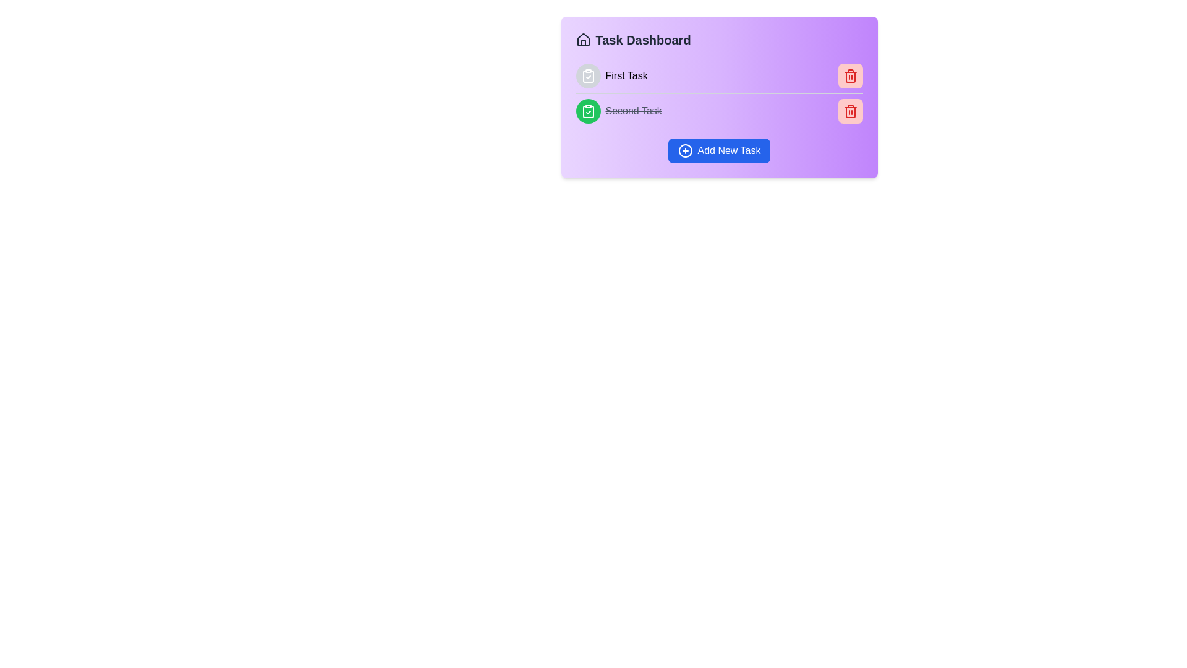 The image size is (1187, 668). I want to click on the clipboard body element, which is part of a green circular button adjacent to the 'Second Task' label, so click(587, 112).